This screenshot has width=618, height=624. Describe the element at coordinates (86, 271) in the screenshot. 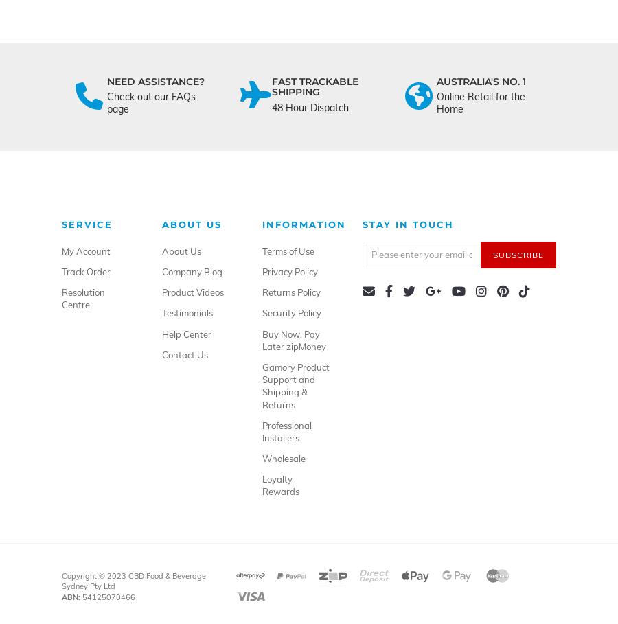

I see `'Track Order'` at that location.